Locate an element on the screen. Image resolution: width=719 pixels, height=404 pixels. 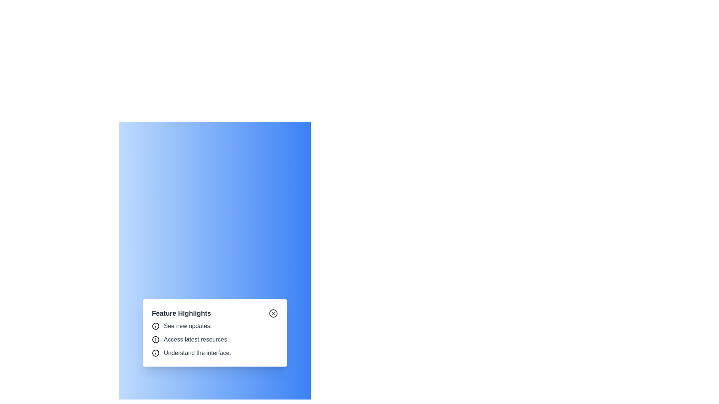
the inner circular component of the close button located in the top-right corner of the 'Feature Highlights' card is located at coordinates (273, 313).